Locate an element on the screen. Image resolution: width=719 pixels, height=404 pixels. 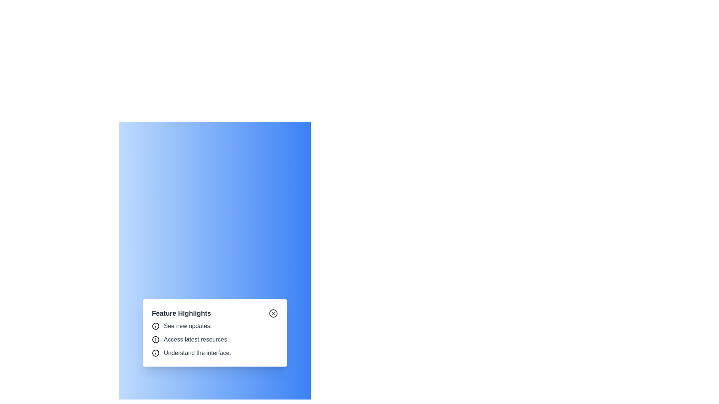
the inner circular component of the close button located in the top-right corner of the 'Feature Highlights' card is located at coordinates (273, 313).